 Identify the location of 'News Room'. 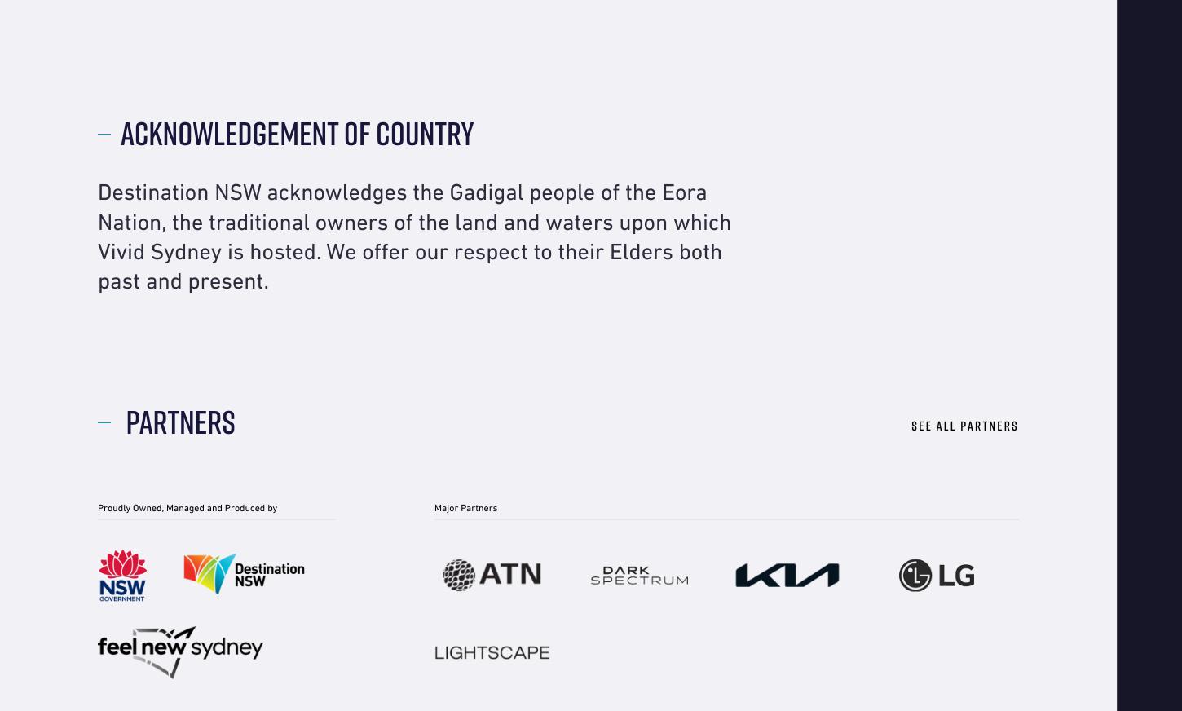
(280, 20).